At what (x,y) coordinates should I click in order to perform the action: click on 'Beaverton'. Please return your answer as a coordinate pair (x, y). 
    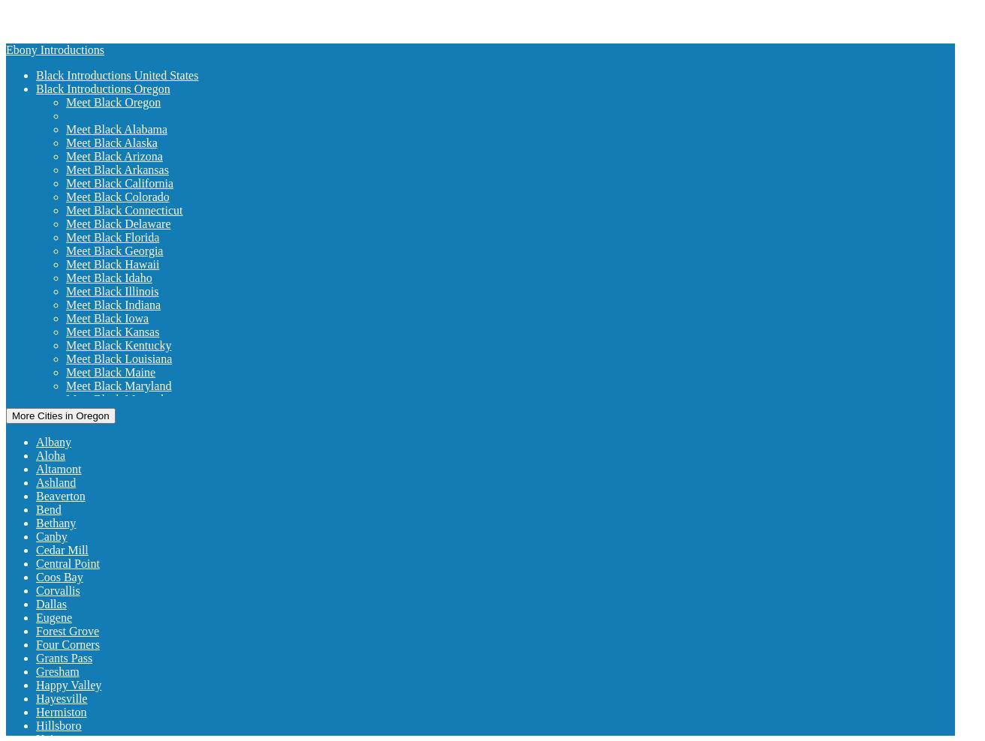
    Looking at the image, I should click on (60, 495).